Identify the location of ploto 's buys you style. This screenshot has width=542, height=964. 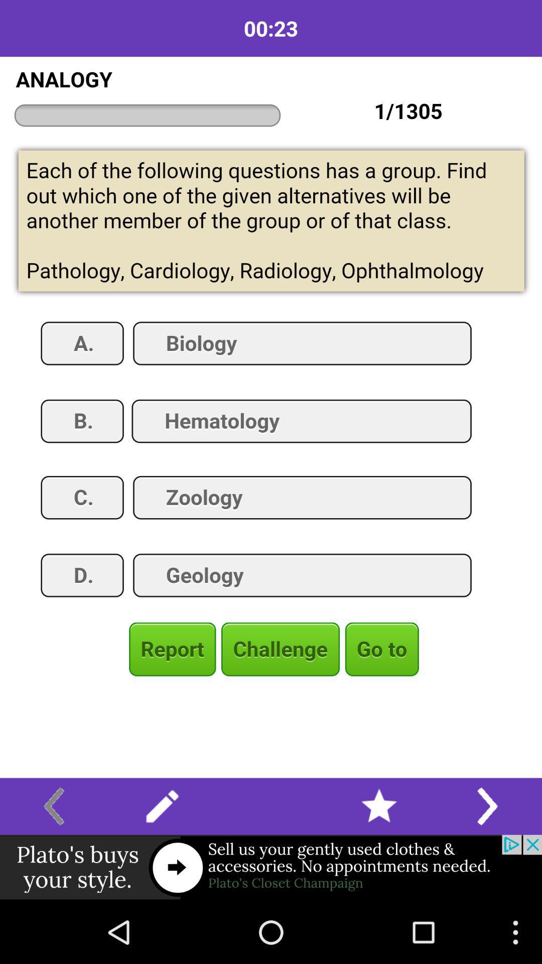
(271, 867).